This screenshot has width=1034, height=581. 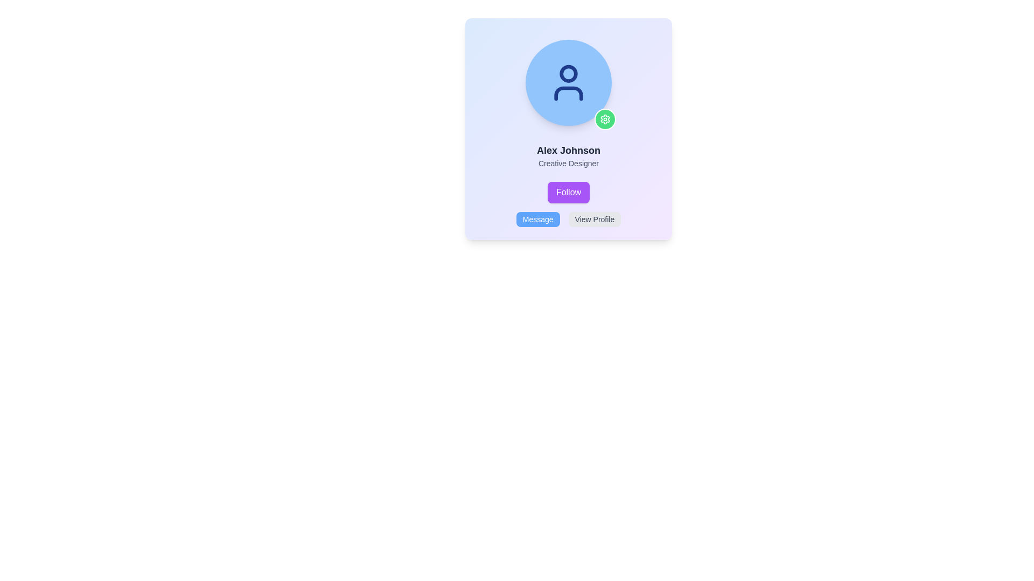 What do you see at coordinates (568, 155) in the screenshot?
I see `the Text Display element that shows 'Alex Johnson' and 'Creative Designer', which is positioned in the middle section of a card-like component, below the circular avatar and above the purple 'Follow' button` at bounding box center [568, 155].